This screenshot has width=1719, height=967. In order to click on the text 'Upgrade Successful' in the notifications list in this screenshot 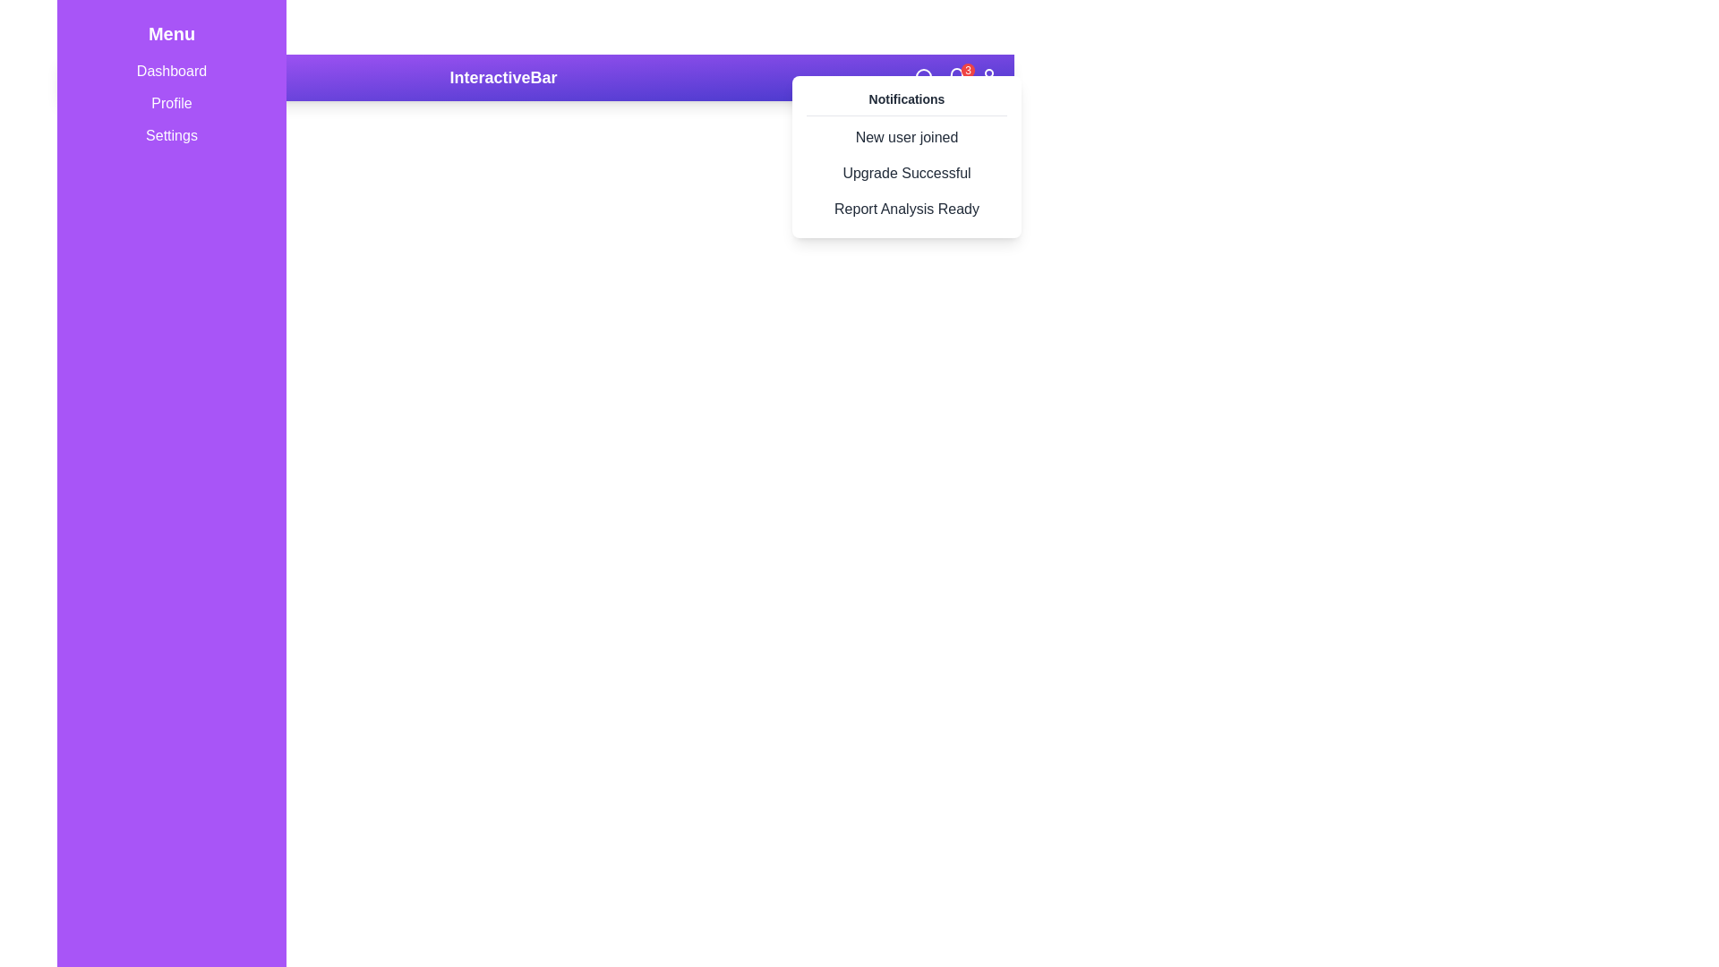, I will do `click(906, 173)`.